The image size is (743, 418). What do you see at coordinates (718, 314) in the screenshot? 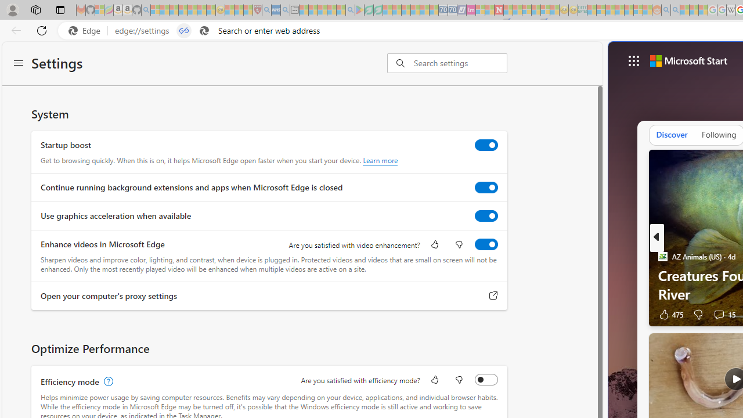
I see `'View comments 15 Comment'` at bounding box center [718, 314].